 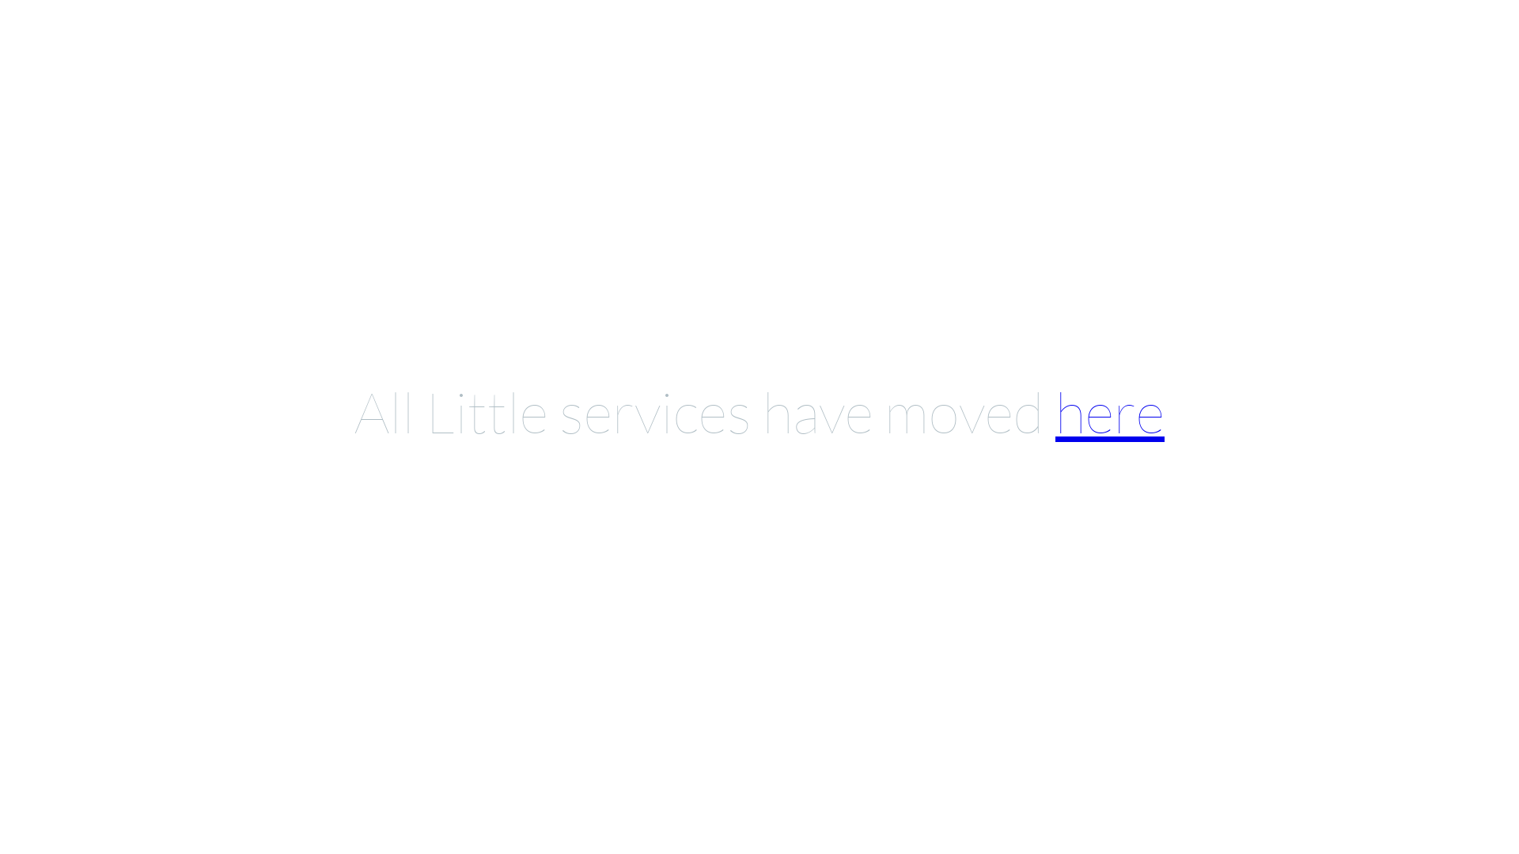 What do you see at coordinates (1108, 410) in the screenshot?
I see `'here'` at bounding box center [1108, 410].